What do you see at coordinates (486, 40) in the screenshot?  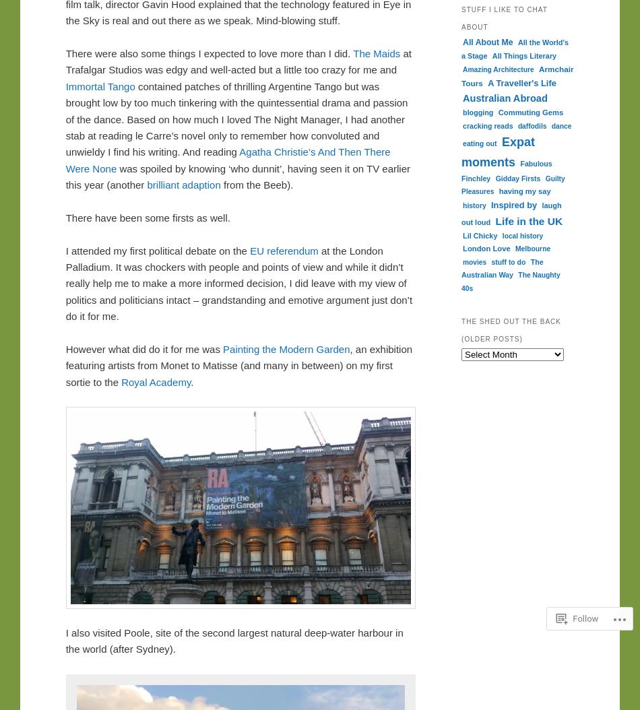 I see `'All About Me'` at bounding box center [486, 40].